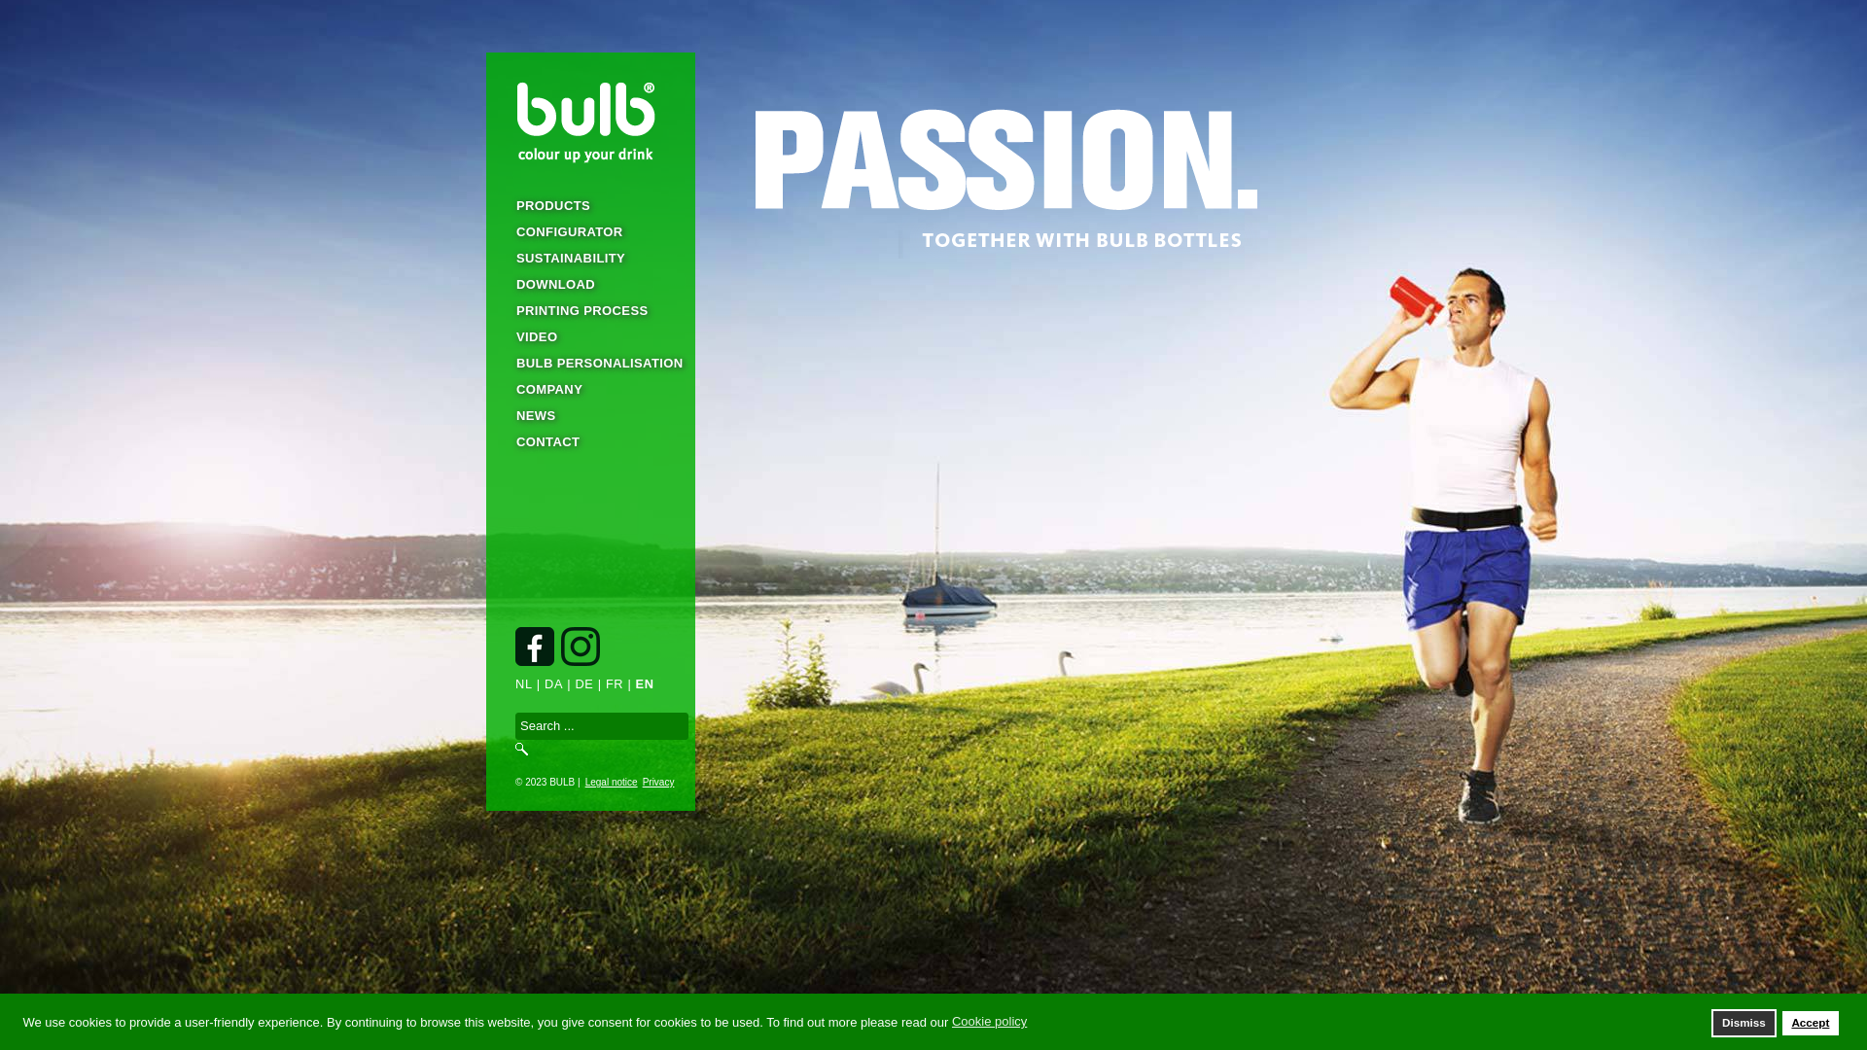  What do you see at coordinates (552, 682) in the screenshot?
I see `'DA'` at bounding box center [552, 682].